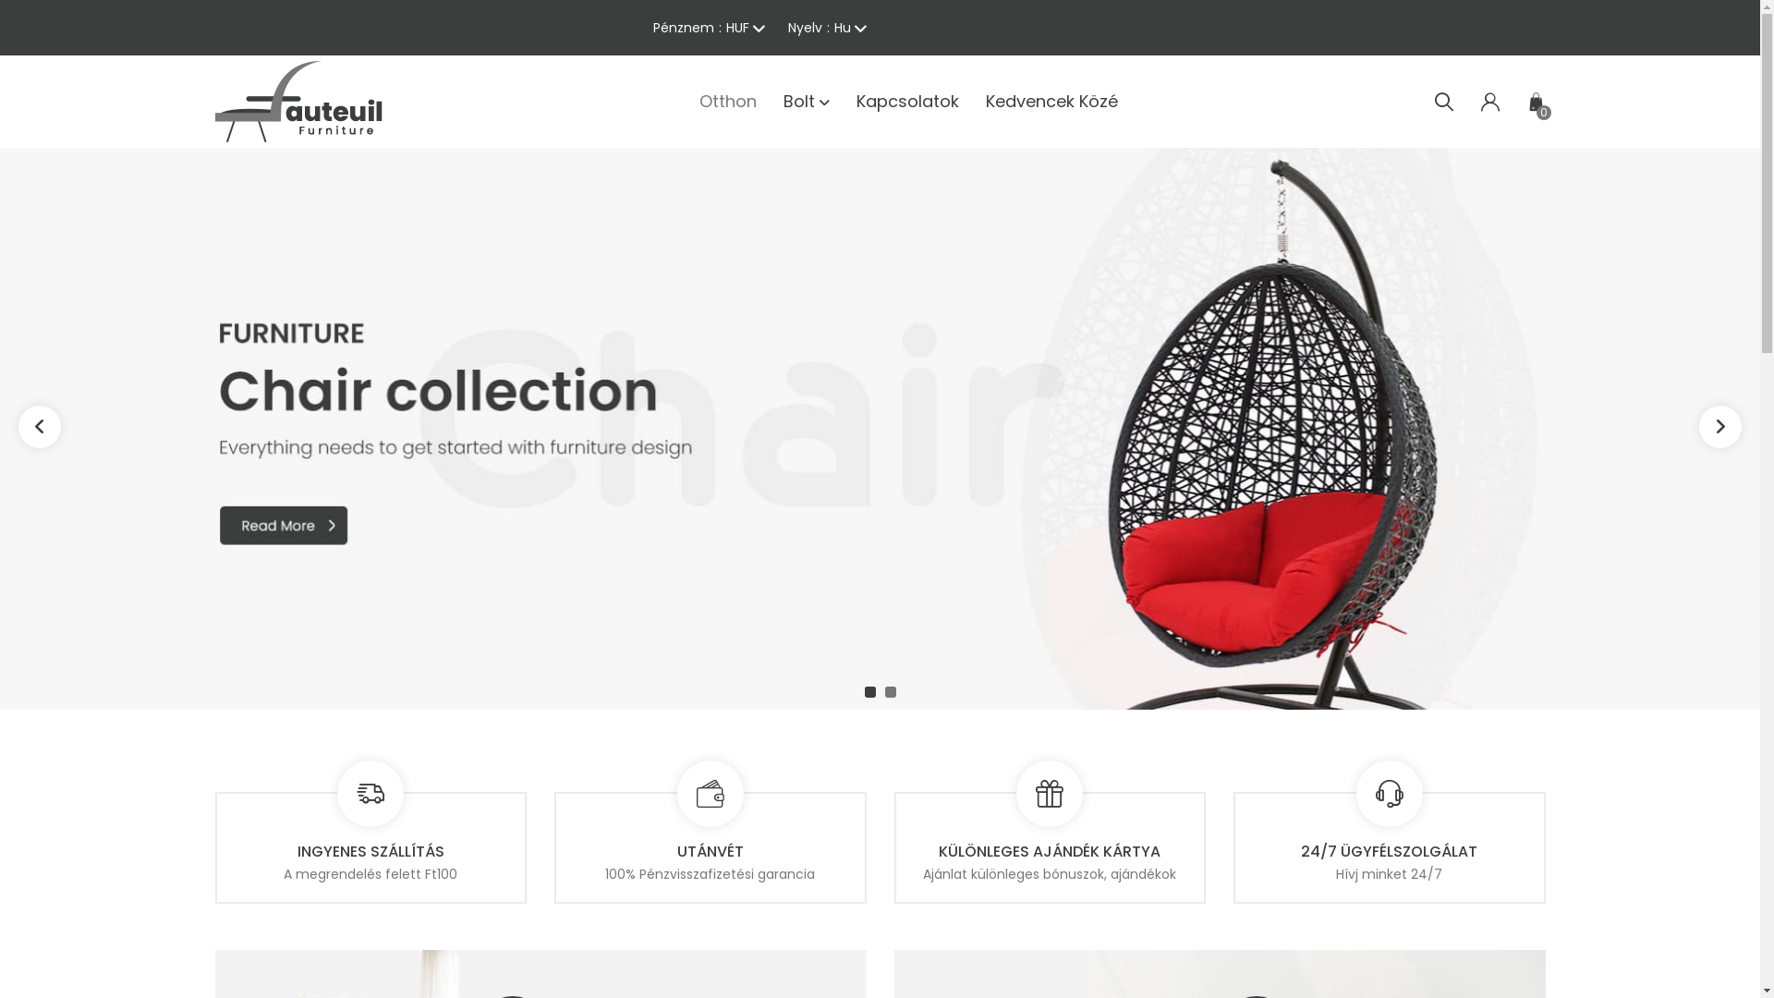 The image size is (1774, 998). Describe the element at coordinates (906, 102) in the screenshot. I see `'Kapcsolatok'` at that location.